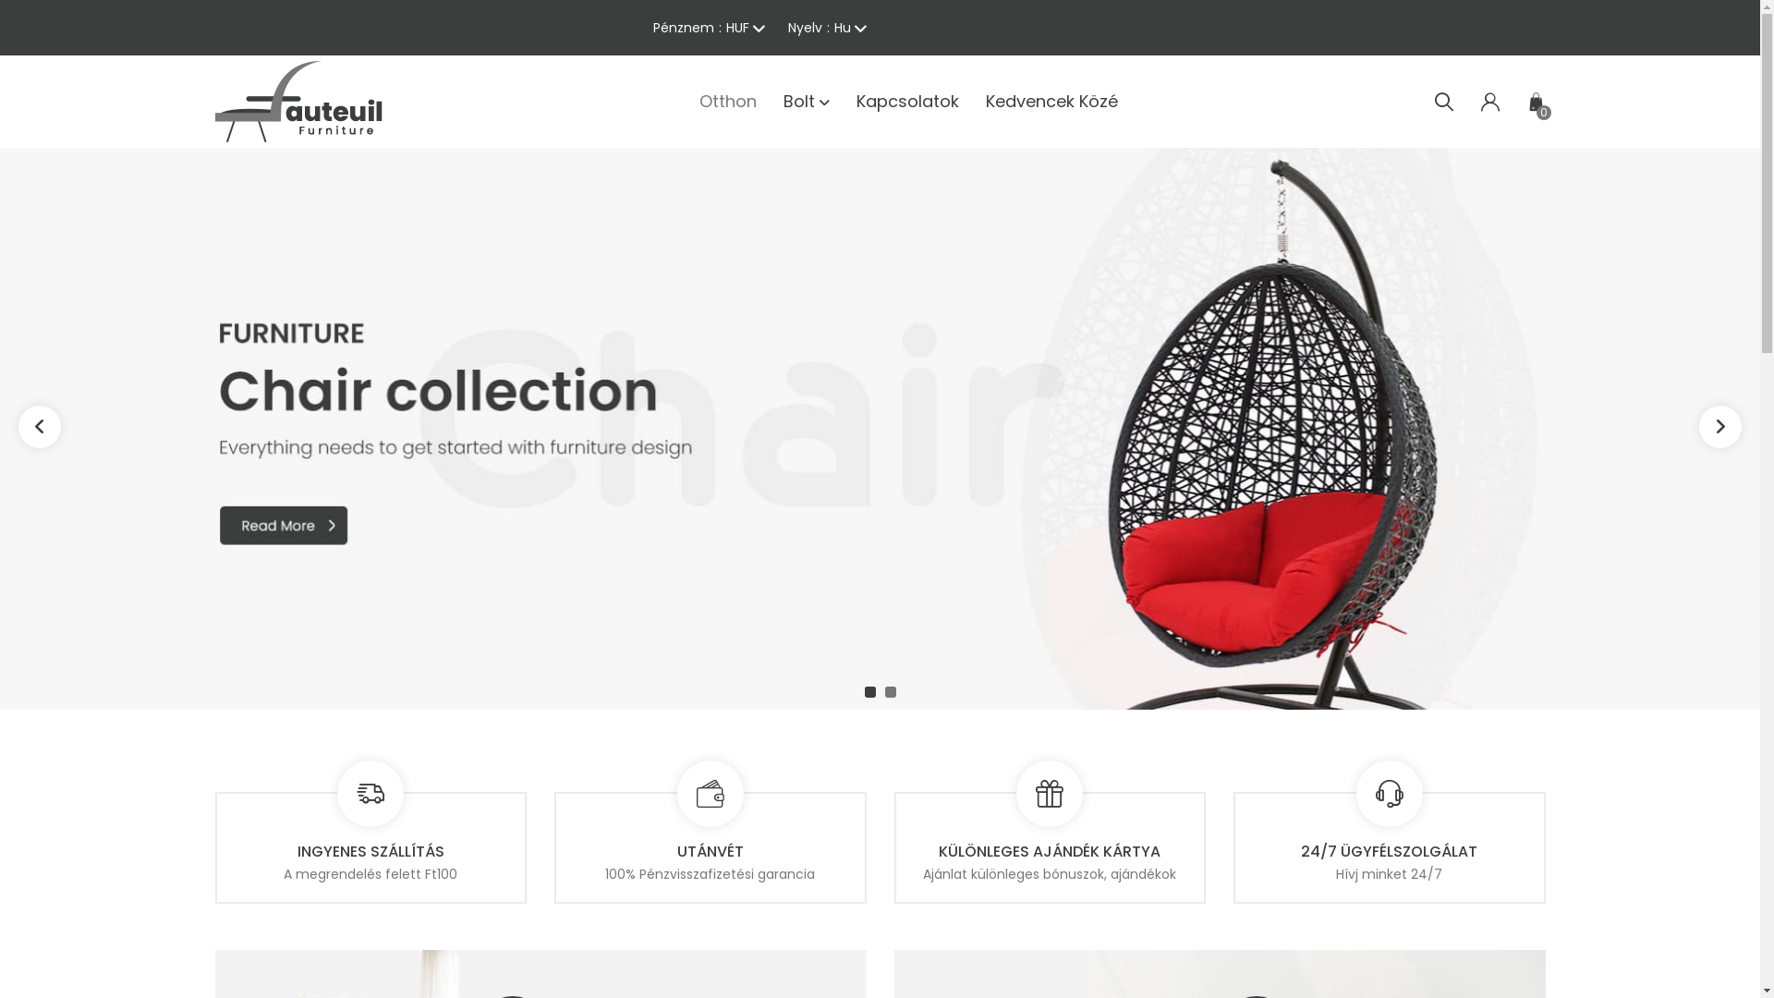 The image size is (1774, 998). Describe the element at coordinates (906, 102) in the screenshot. I see `'Kapcsolatok'` at that location.